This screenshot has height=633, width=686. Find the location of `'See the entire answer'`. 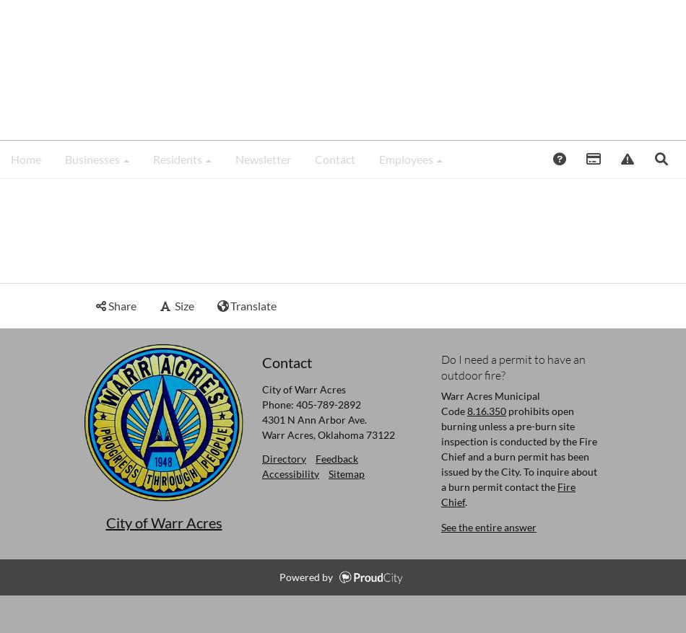

'See the entire answer' is located at coordinates (488, 525).